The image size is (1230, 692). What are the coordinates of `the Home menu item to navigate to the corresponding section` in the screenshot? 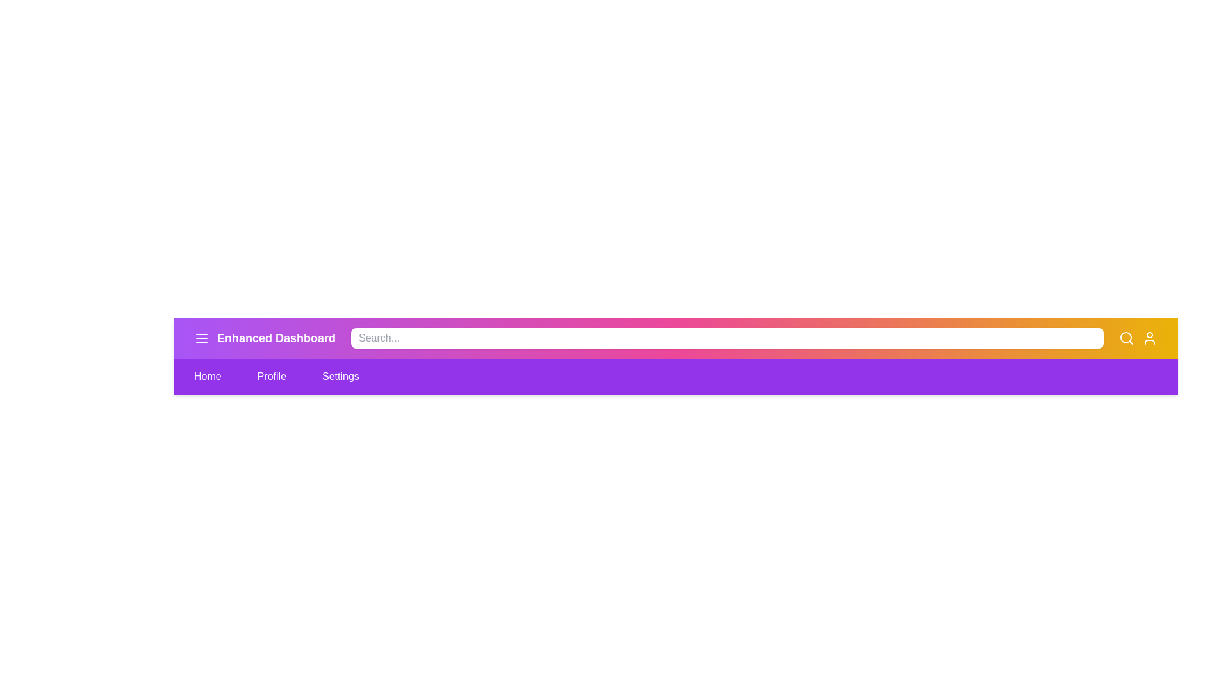 It's located at (208, 375).